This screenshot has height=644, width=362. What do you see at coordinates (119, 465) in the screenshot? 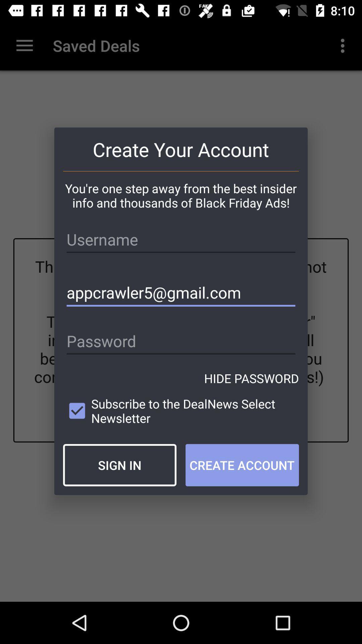
I see `the icon below subscribe to the` at bounding box center [119, 465].